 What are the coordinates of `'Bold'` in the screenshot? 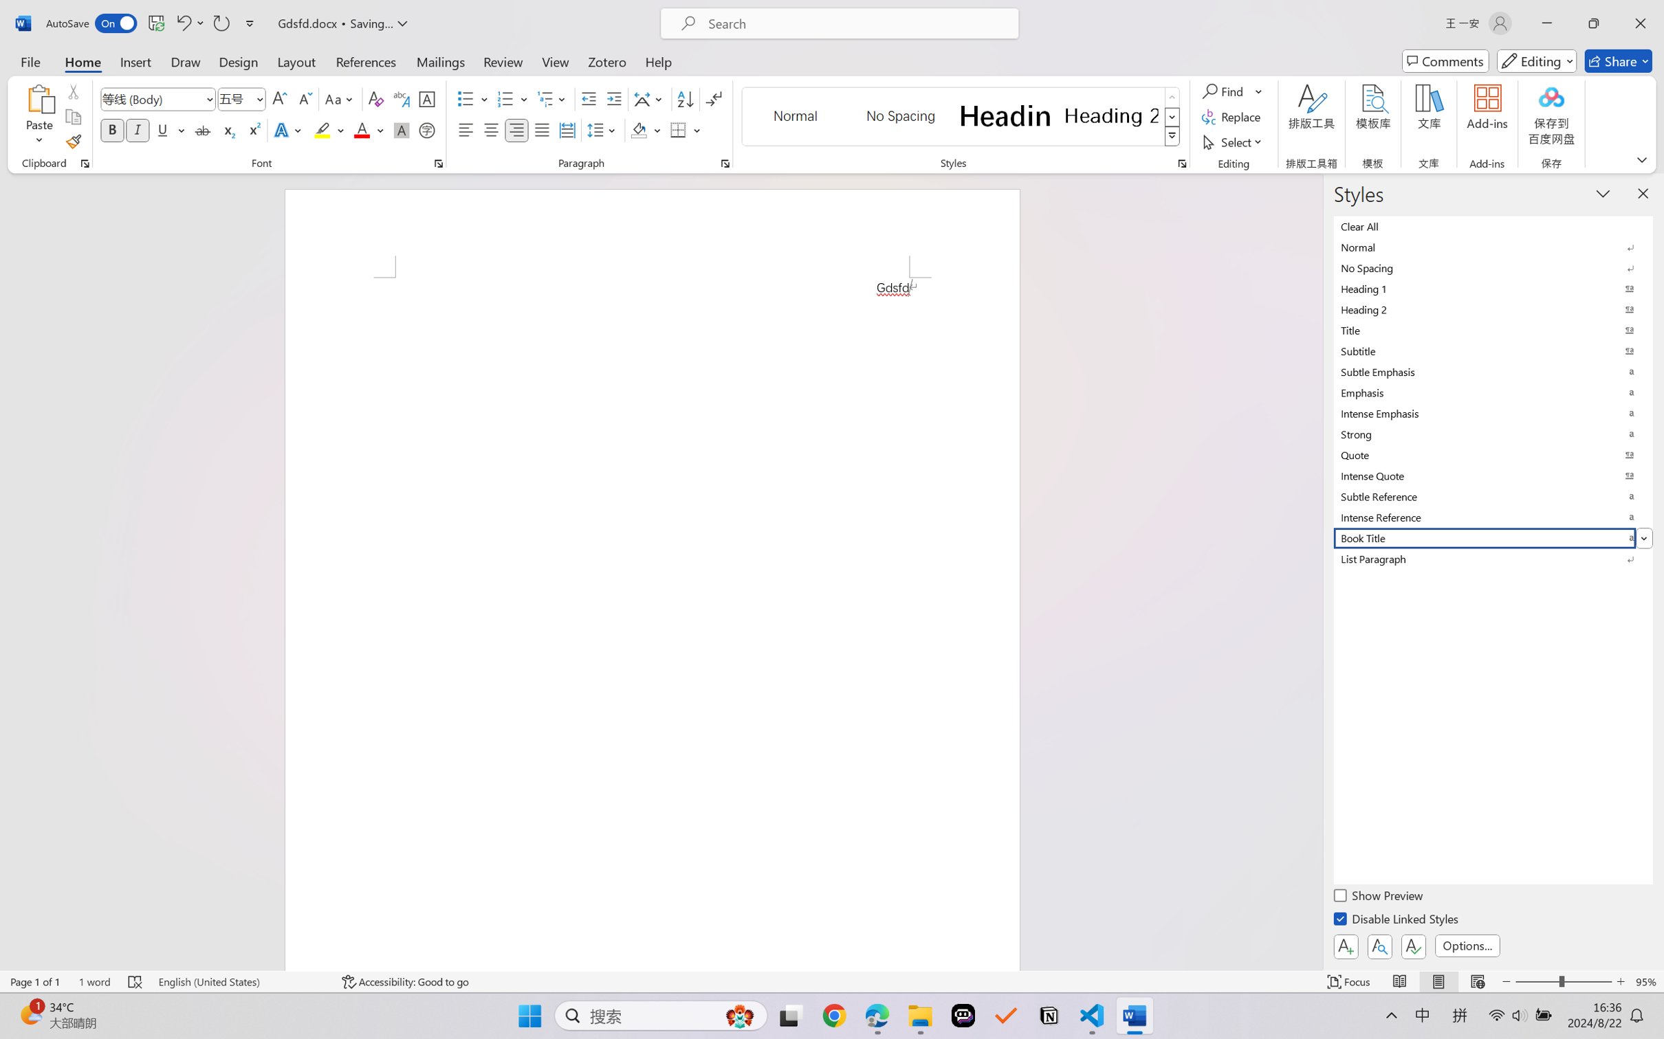 It's located at (113, 129).